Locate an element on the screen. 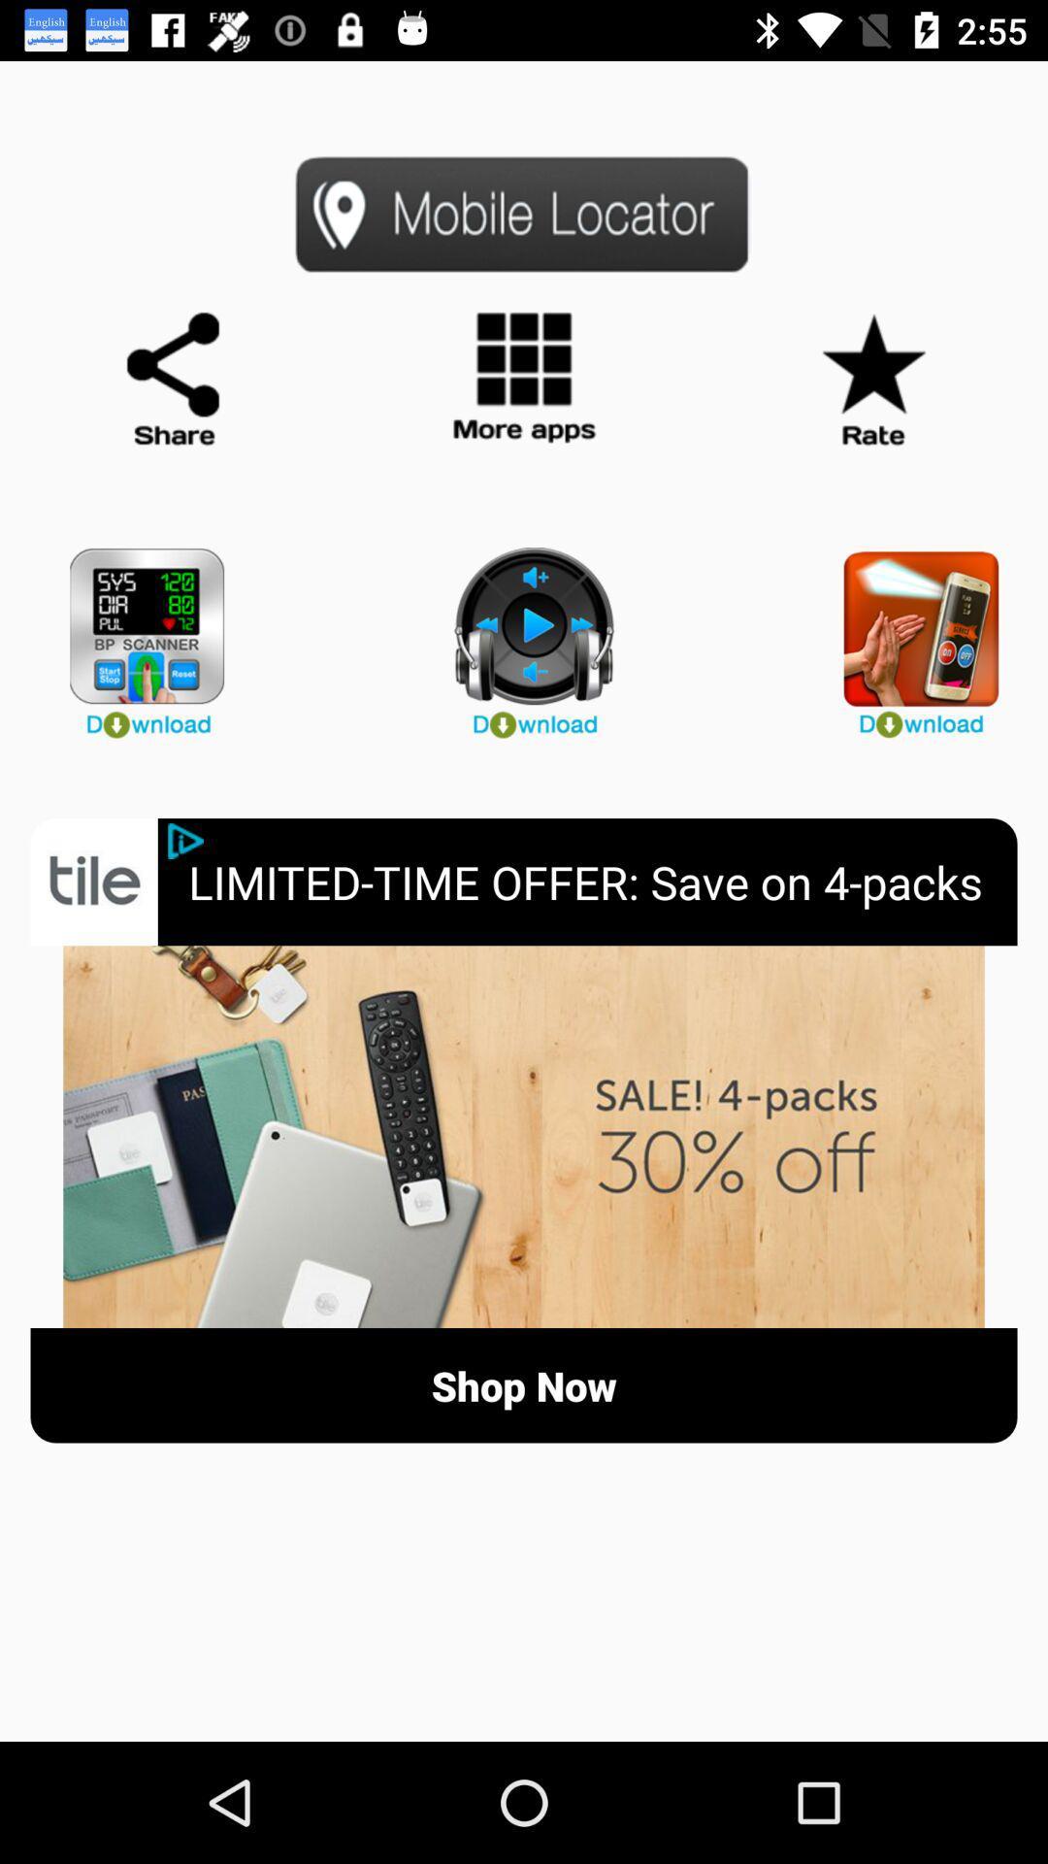  an advertisement is located at coordinates (524, 1137).